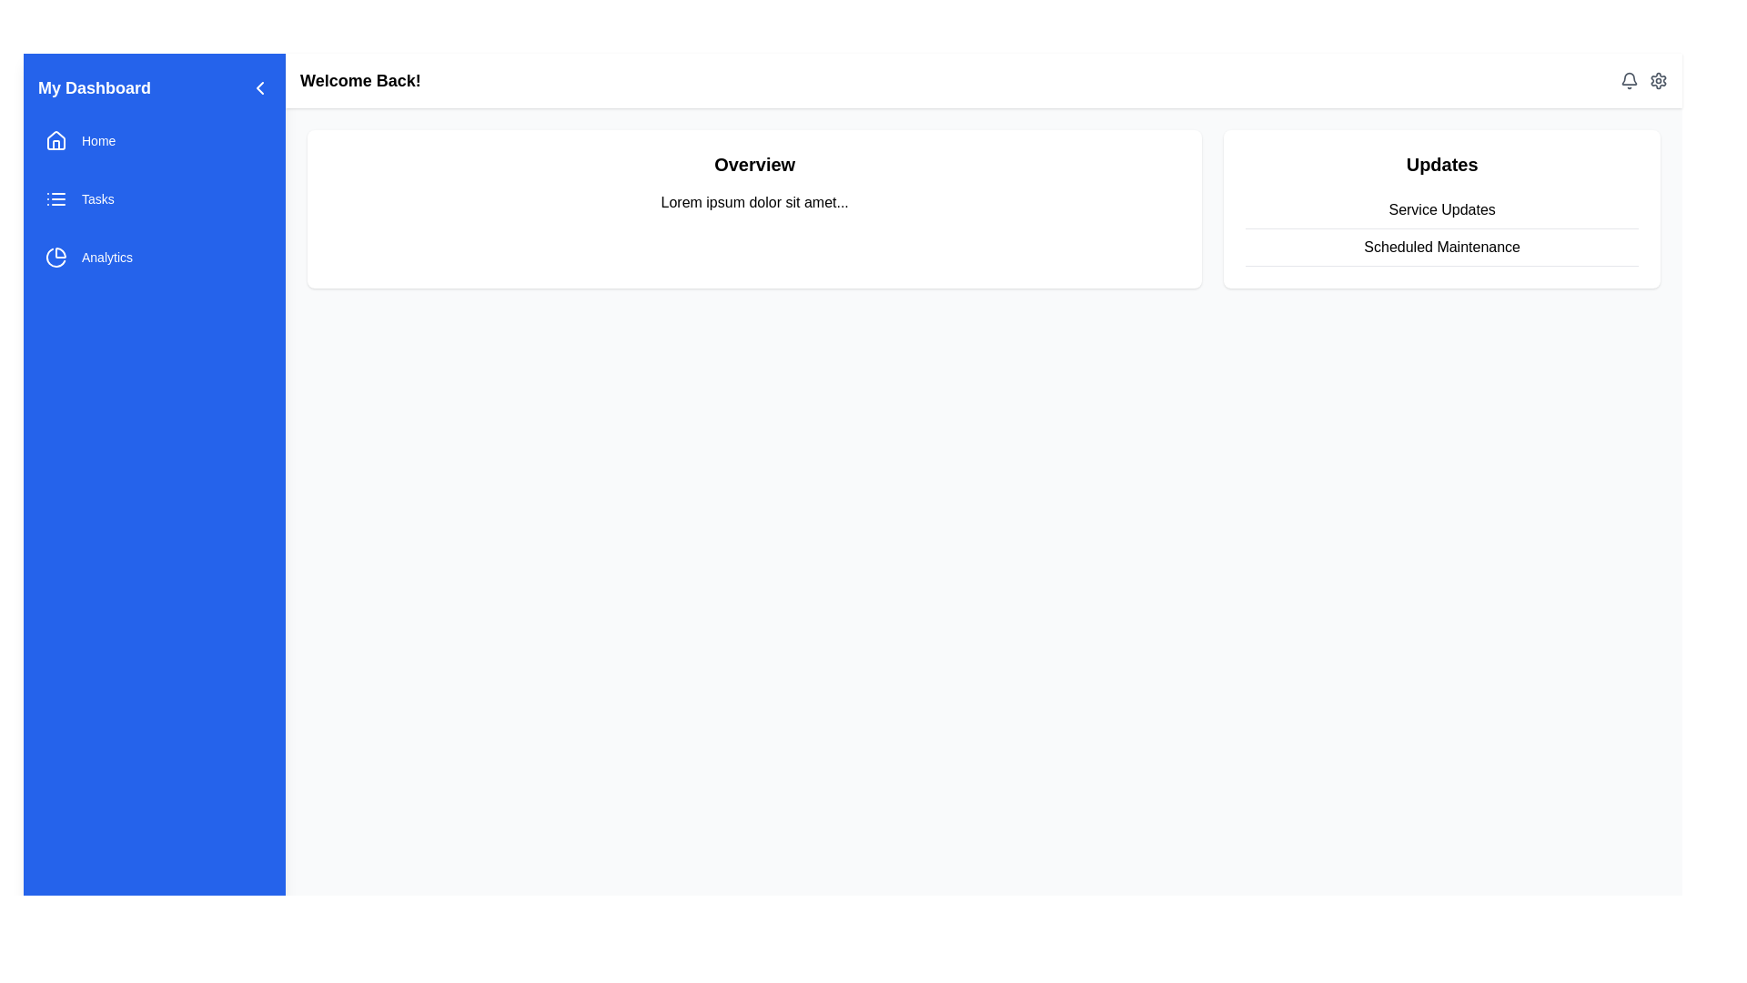 This screenshot has height=983, width=1747. What do you see at coordinates (259, 87) in the screenshot?
I see `the left-facing chevron icon button in the top-right corner of the blue sidebar` at bounding box center [259, 87].